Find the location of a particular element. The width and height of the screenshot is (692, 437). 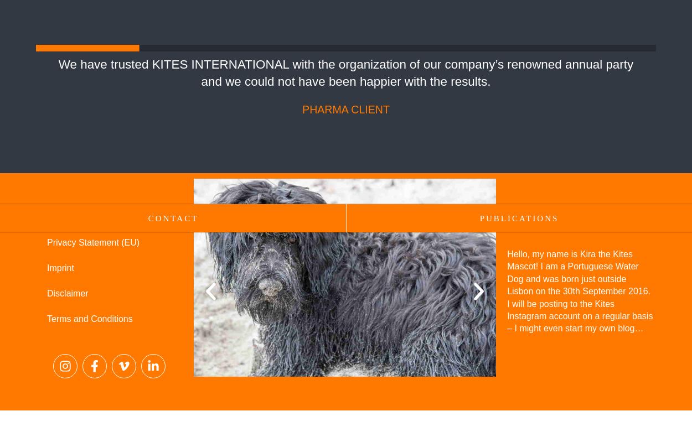

'Disclaimer' is located at coordinates (67, 293).